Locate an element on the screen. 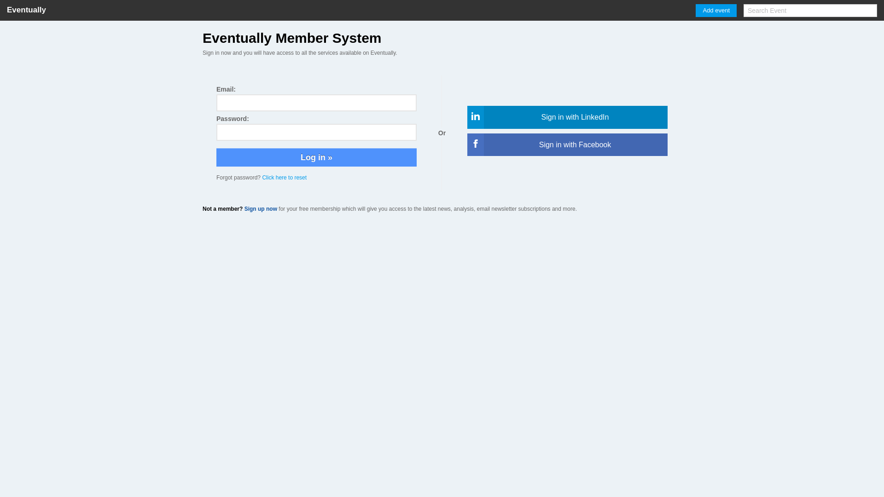 The width and height of the screenshot is (884, 497). 'Eventually' is located at coordinates (26, 10).